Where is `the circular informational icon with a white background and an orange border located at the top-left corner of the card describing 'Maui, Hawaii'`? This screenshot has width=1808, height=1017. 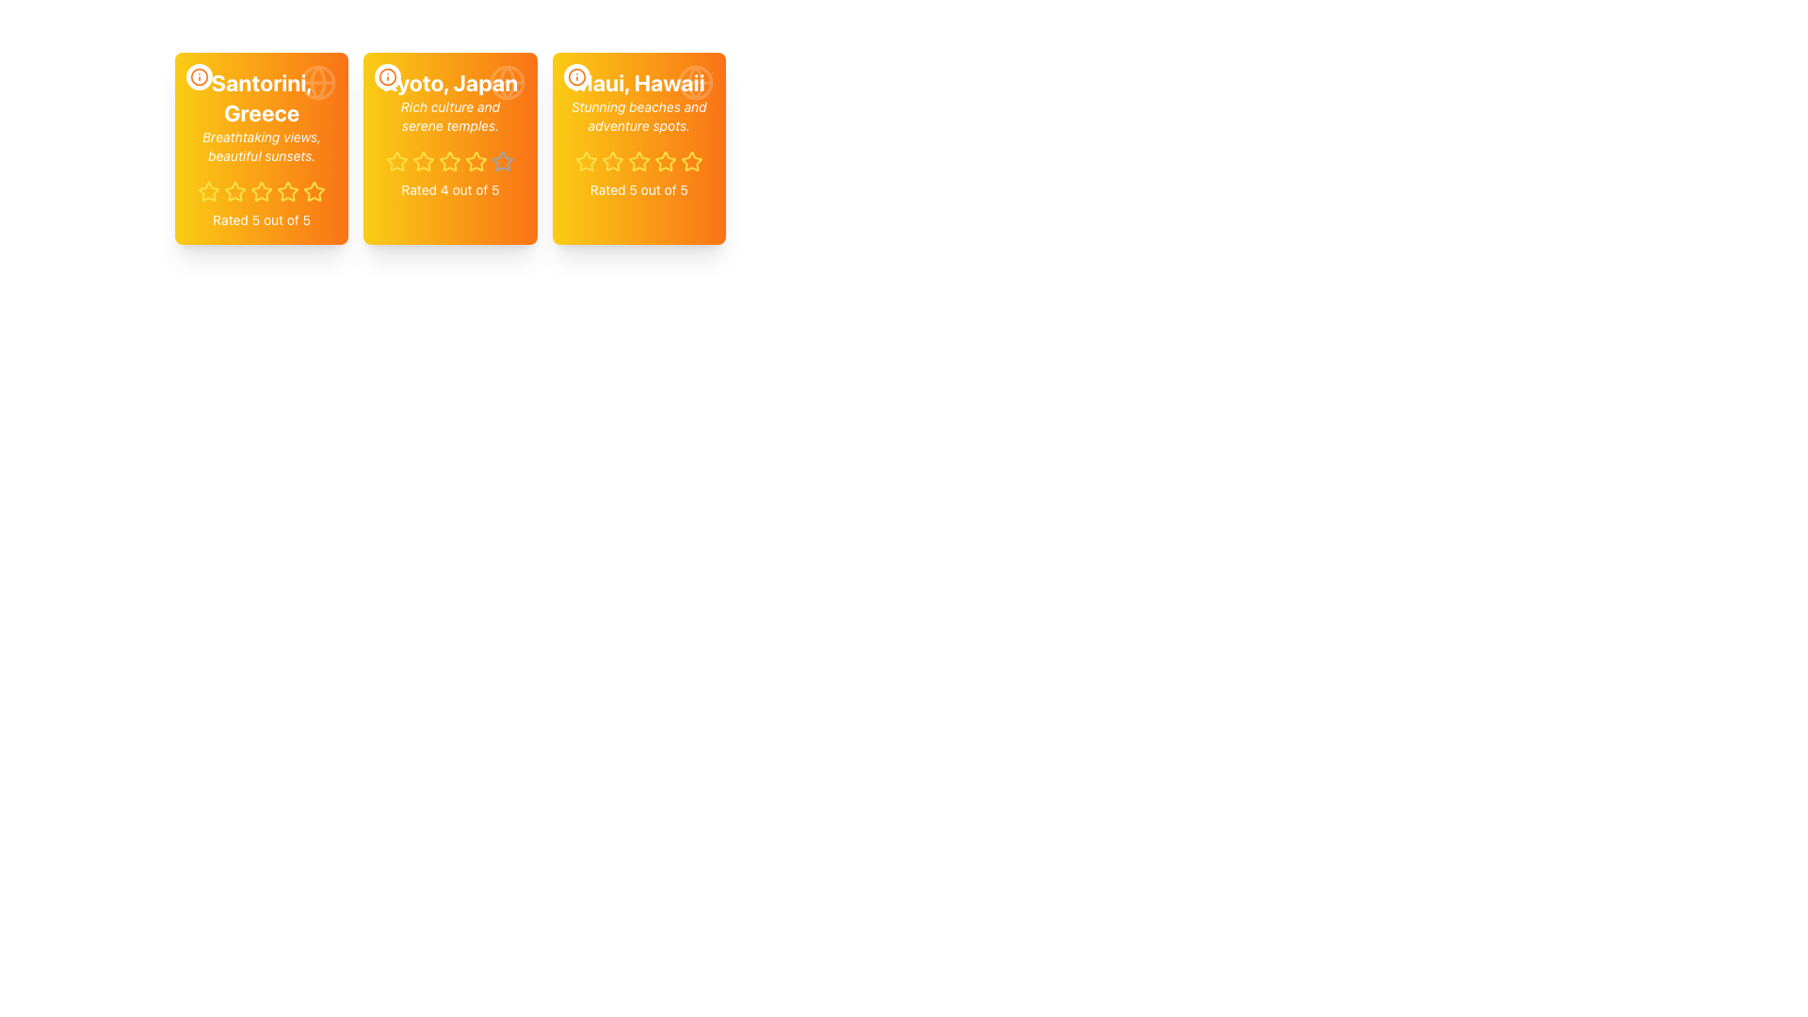
the circular informational icon with a white background and an orange border located at the top-left corner of the card describing 'Maui, Hawaii' is located at coordinates (575, 75).